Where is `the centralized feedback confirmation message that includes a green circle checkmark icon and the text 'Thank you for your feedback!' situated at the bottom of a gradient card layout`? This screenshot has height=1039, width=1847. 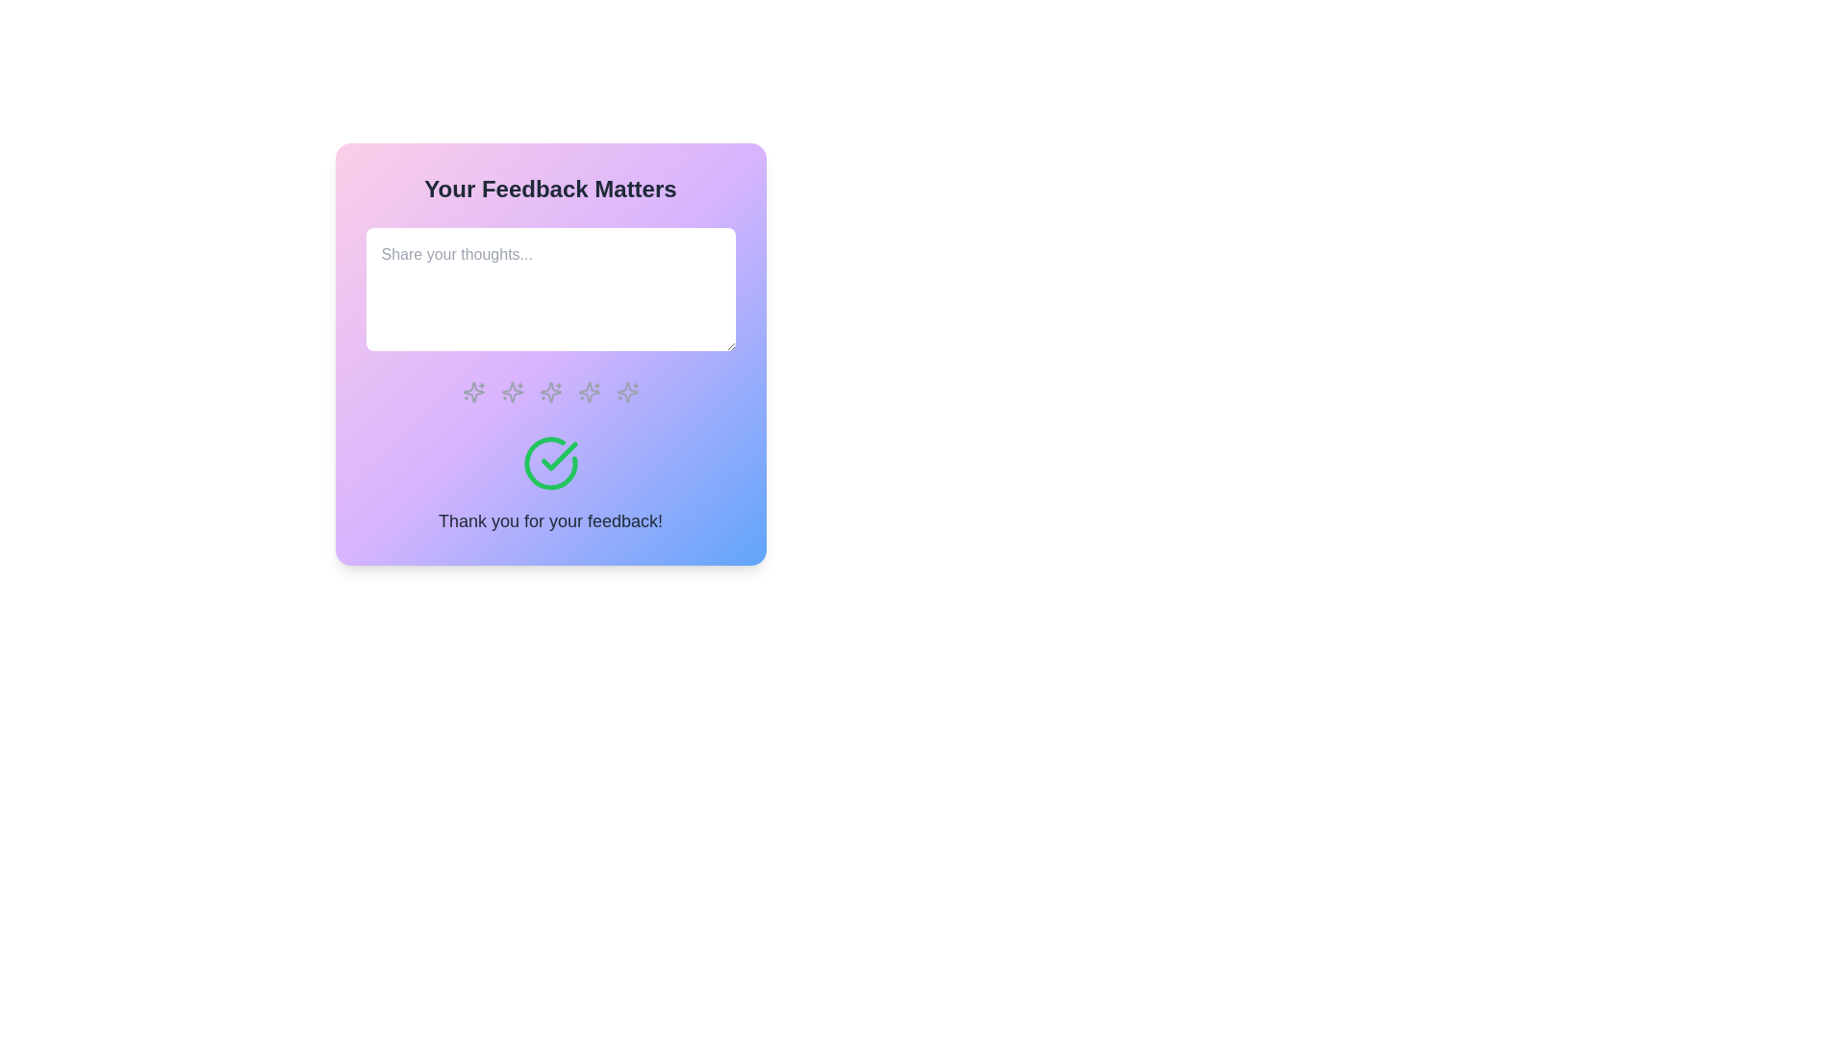 the centralized feedback confirmation message that includes a green circle checkmark icon and the text 'Thank you for your feedback!' situated at the bottom of a gradient card layout is located at coordinates (549, 484).